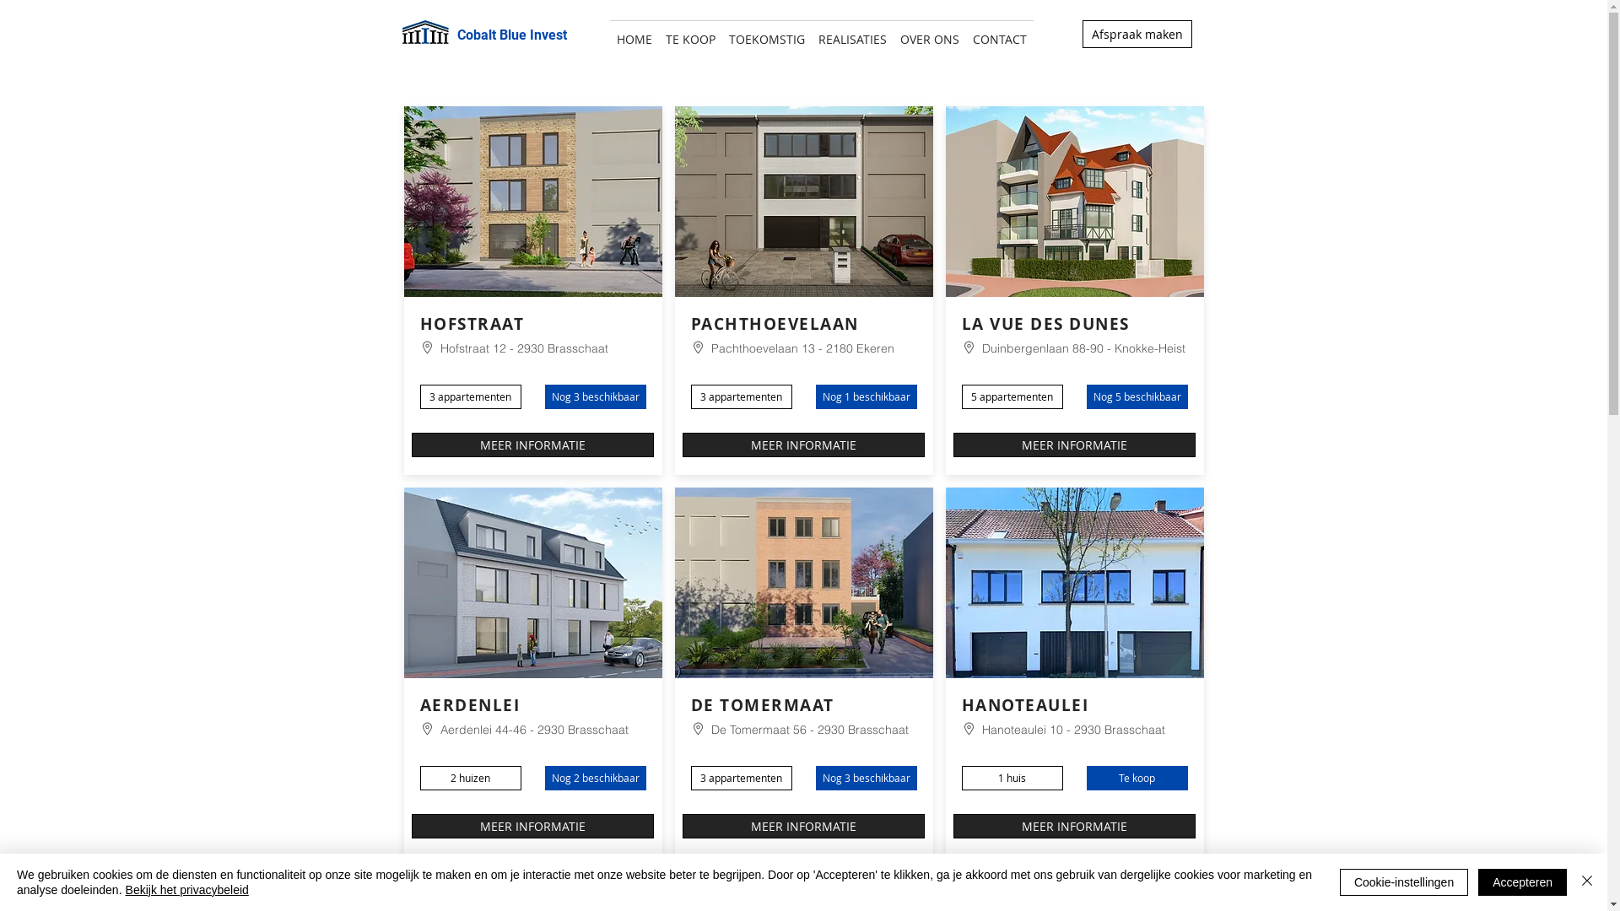  What do you see at coordinates (470, 778) in the screenshot?
I see `'2 huizen'` at bounding box center [470, 778].